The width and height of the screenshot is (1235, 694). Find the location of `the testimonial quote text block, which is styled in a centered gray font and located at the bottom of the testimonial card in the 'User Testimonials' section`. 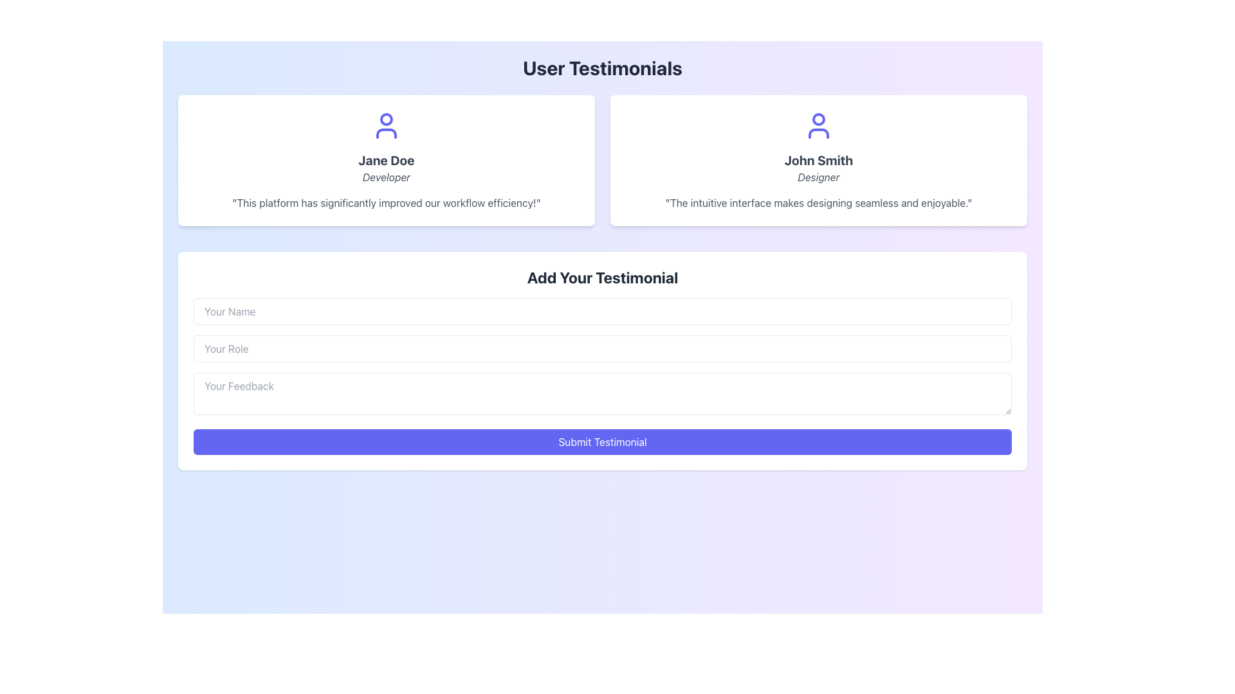

the testimonial quote text block, which is styled in a centered gray font and located at the bottom of the testimonial card in the 'User Testimonials' section is located at coordinates (818, 202).